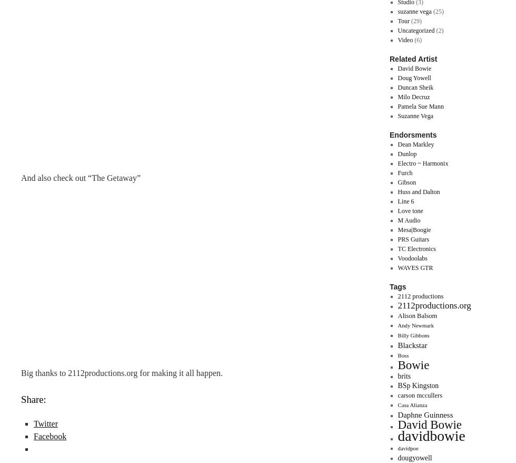  What do you see at coordinates (405, 173) in the screenshot?
I see `'Furch'` at bounding box center [405, 173].